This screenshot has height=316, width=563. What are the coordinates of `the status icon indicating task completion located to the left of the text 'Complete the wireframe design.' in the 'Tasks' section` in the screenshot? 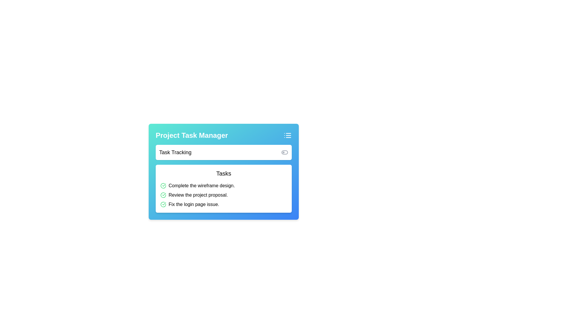 It's located at (163, 186).